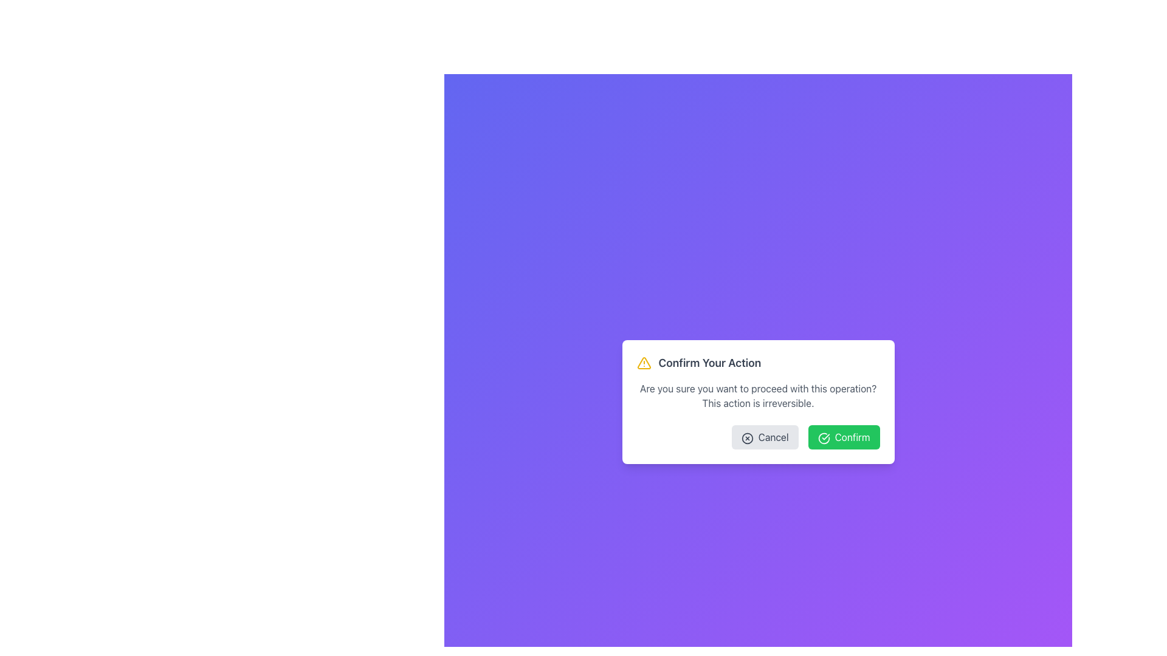 This screenshot has width=1167, height=656. Describe the element at coordinates (643, 362) in the screenshot. I see `the triangular perimeter component of the alert icon in the top left corner of the 'Confirm Your Action' modal dialog` at that location.